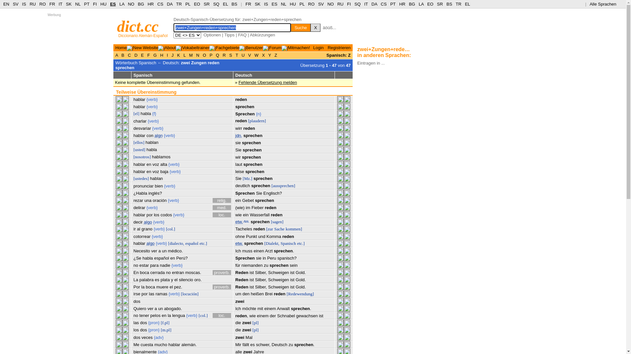 Image resolution: width=631 pixels, height=354 pixels. I want to click on 'T', so click(237, 55).